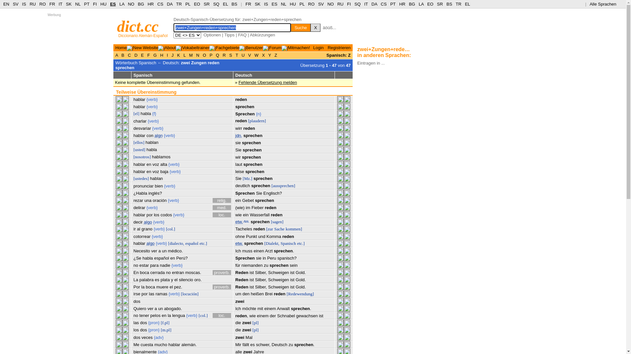 Image resolution: width=631 pixels, height=354 pixels. I want to click on 'T', so click(237, 55).